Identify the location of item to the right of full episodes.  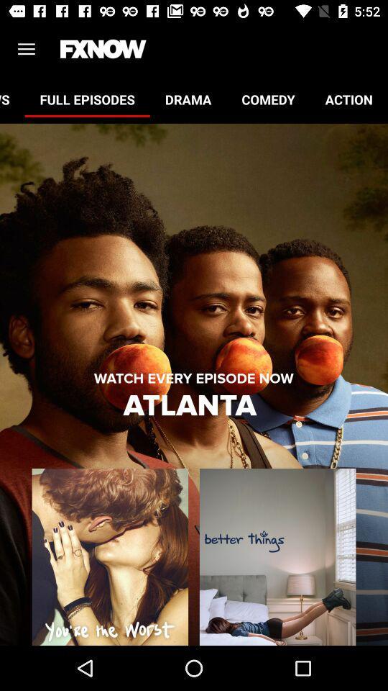
(188, 99).